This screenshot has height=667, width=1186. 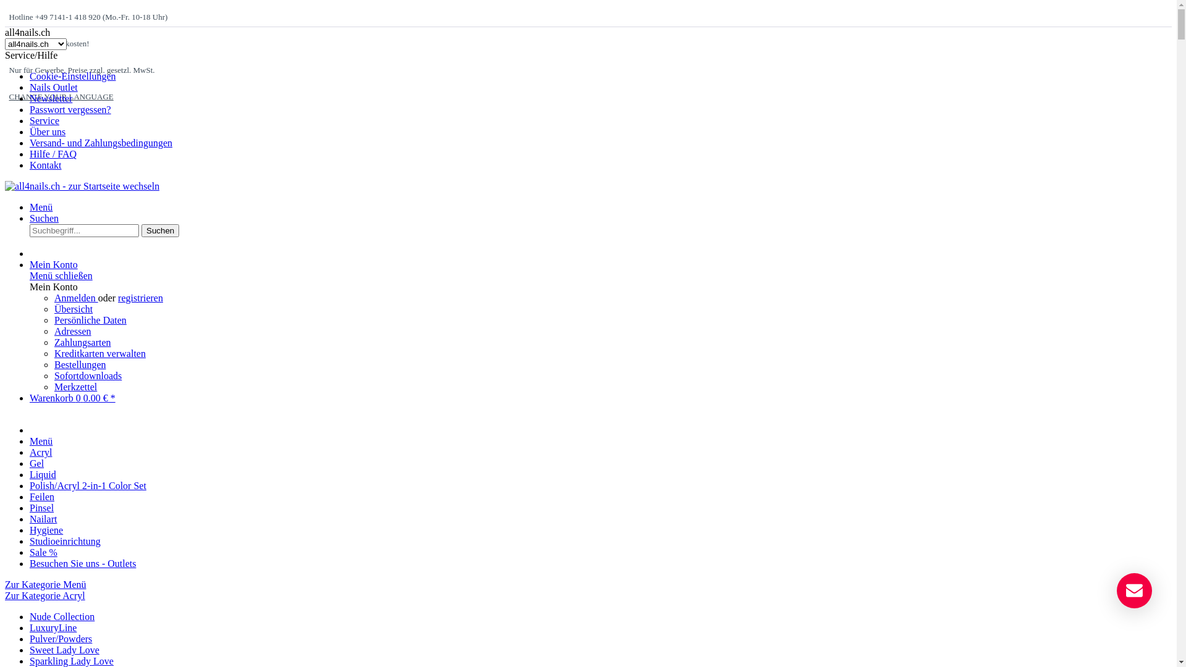 What do you see at coordinates (53, 353) in the screenshot?
I see `'Kreditkarten verwalten'` at bounding box center [53, 353].